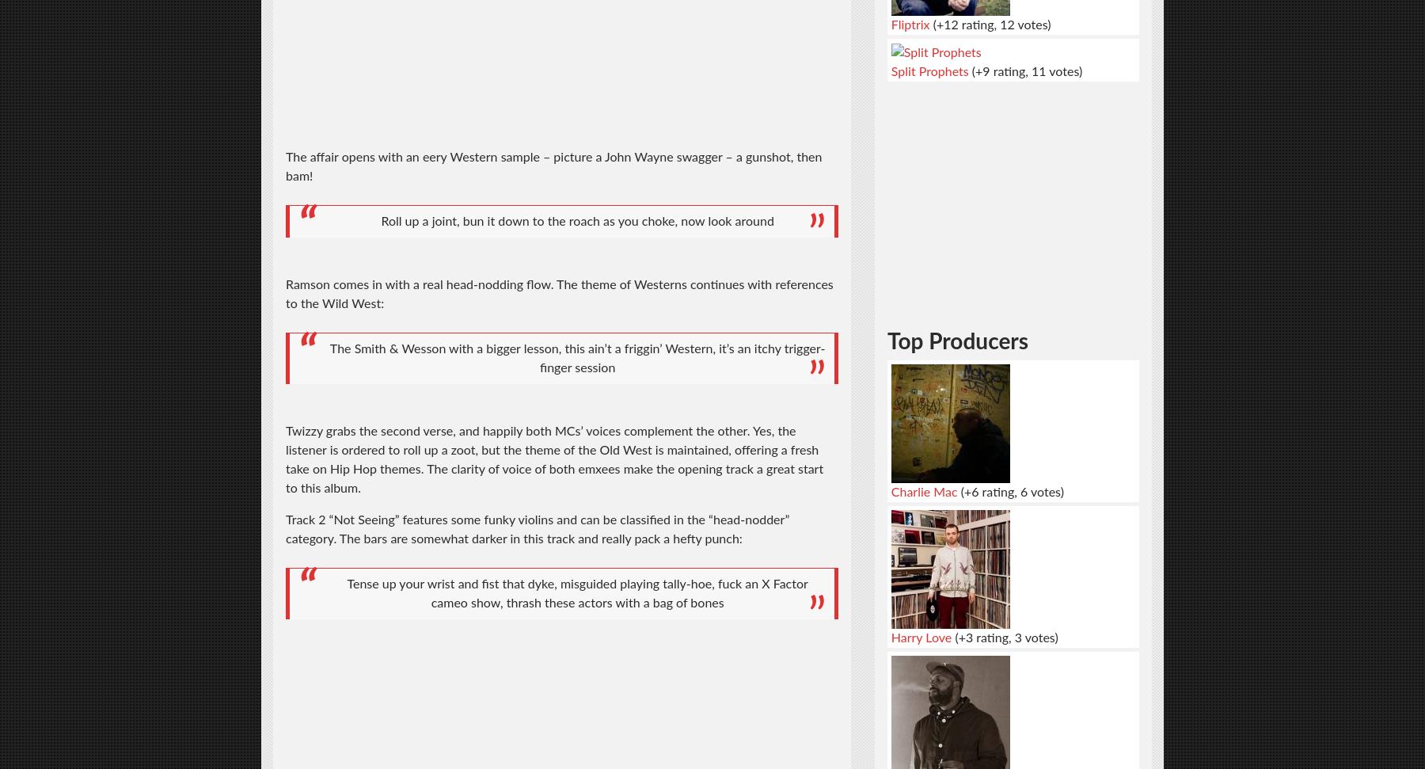  What do you see at coordinates (909, 24) in the screenshot?
I see `'Fliptrix'` at bounding box center [909, 24].